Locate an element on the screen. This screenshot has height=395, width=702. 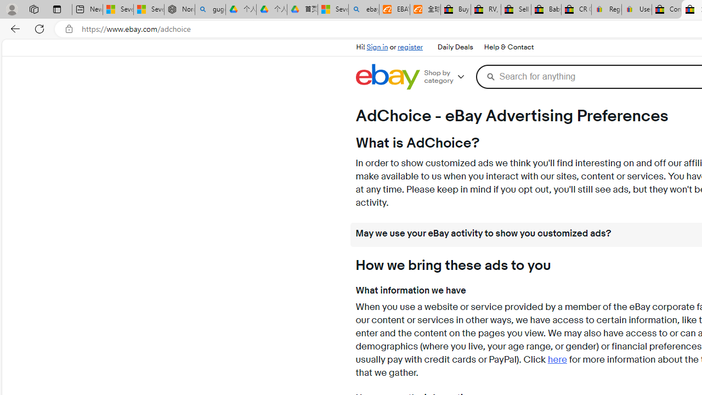
'User Privacy Notice | eBay' is located at coordinates (636, 9).